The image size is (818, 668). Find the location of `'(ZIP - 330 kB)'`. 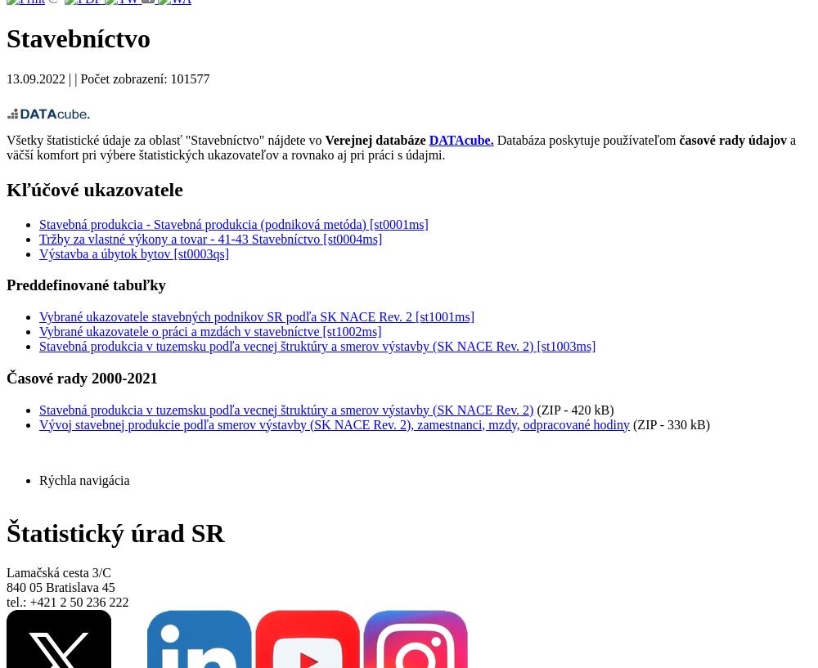

'(ZIP - 330 kB)' is located at coordinates (669, 423).